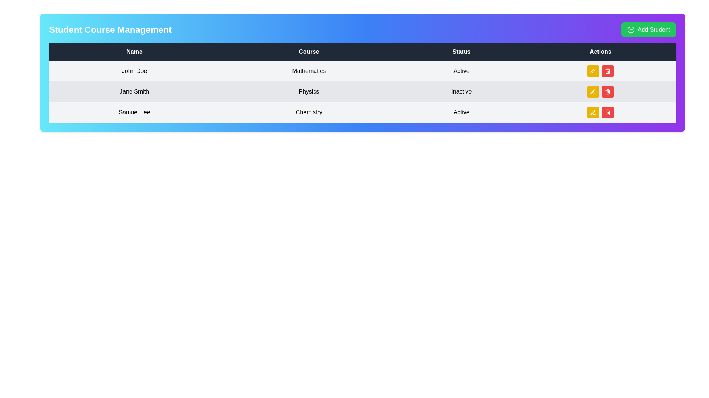 This screenshot has height=398, width=709. Describe the element at coordinates (608, 71) in the screenshot. I see `the deletion button located in the 'Actions' column of the first row in the table` at that location.